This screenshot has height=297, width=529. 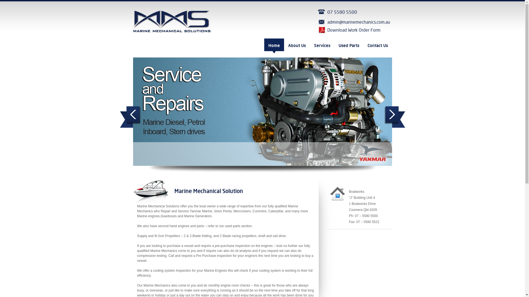 What do you see at coordinates (214, 174) in the screenshot?
I see `'2'` at bounding box center [214, 174].